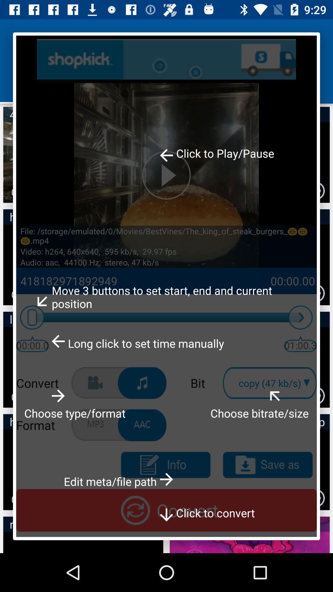 Image resolution: width=333 pixels, height=592 pixels. What do you see at coordinates (142, 383) in the screenshot?
I see `music` at bounding box center [142, 383].